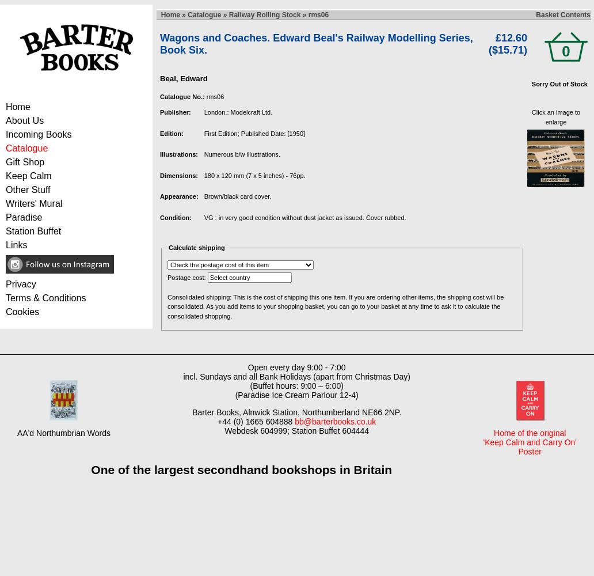 The width and height of the screenshot is (594, 576). I want to click on 'Incoming Books', so click(38, 134).